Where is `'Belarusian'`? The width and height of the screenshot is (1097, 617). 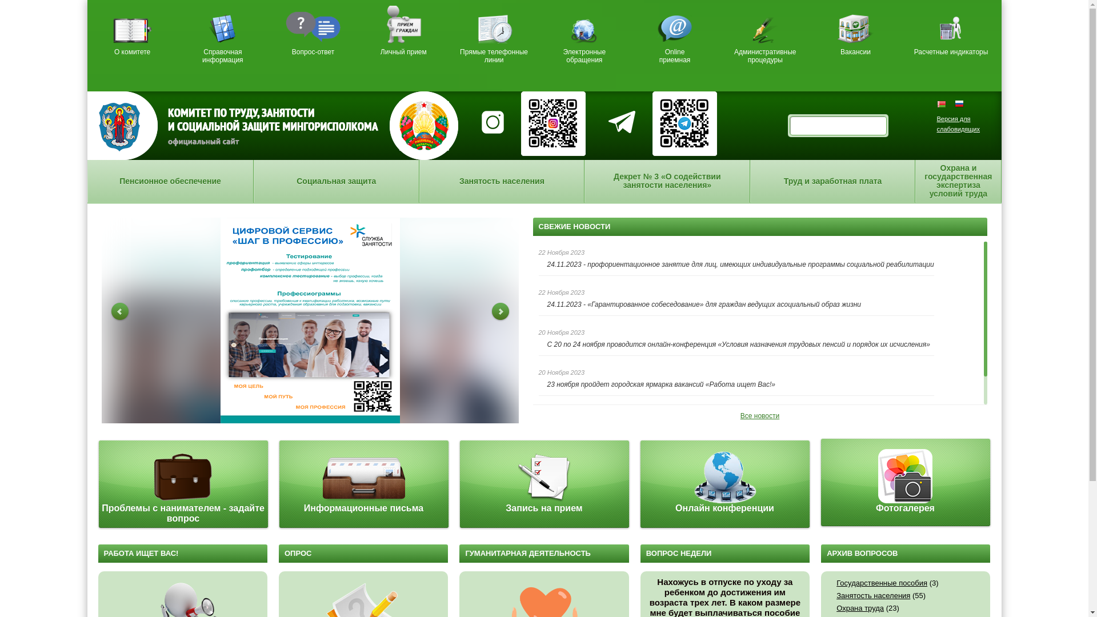 'Belarusian' is located at coordinates (946, 103).